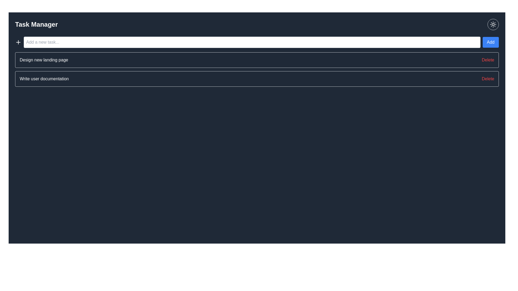 Image resolution: width=518 pixels, height=291 pixels. What do you see at coordinates (36, 25) in the screenshot?
I see `the main title of the page, which serves as the identification for the task manager application and is positioned at the top-left corner above the task input box and task list` at bounding box center [36, 25].